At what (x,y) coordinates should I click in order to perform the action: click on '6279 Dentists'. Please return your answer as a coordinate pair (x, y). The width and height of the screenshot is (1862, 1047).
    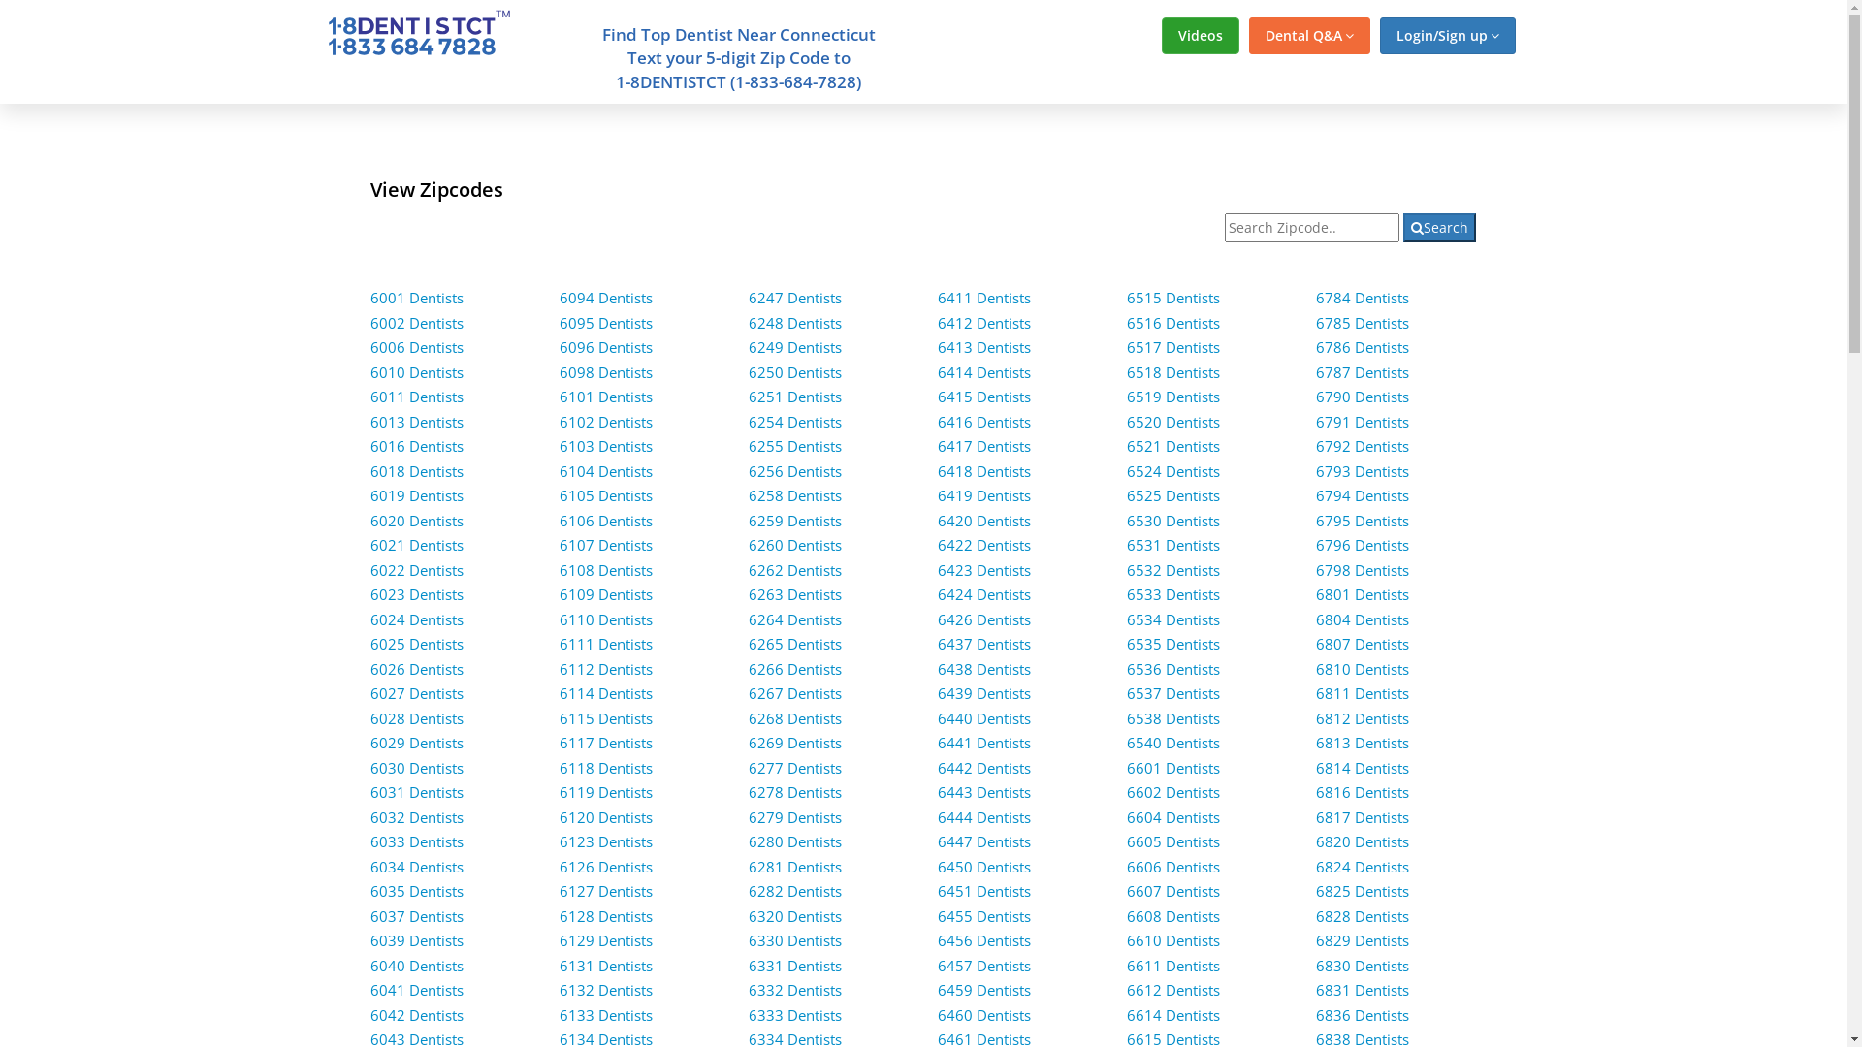
    Looking at the image, I should click on (748, 817).